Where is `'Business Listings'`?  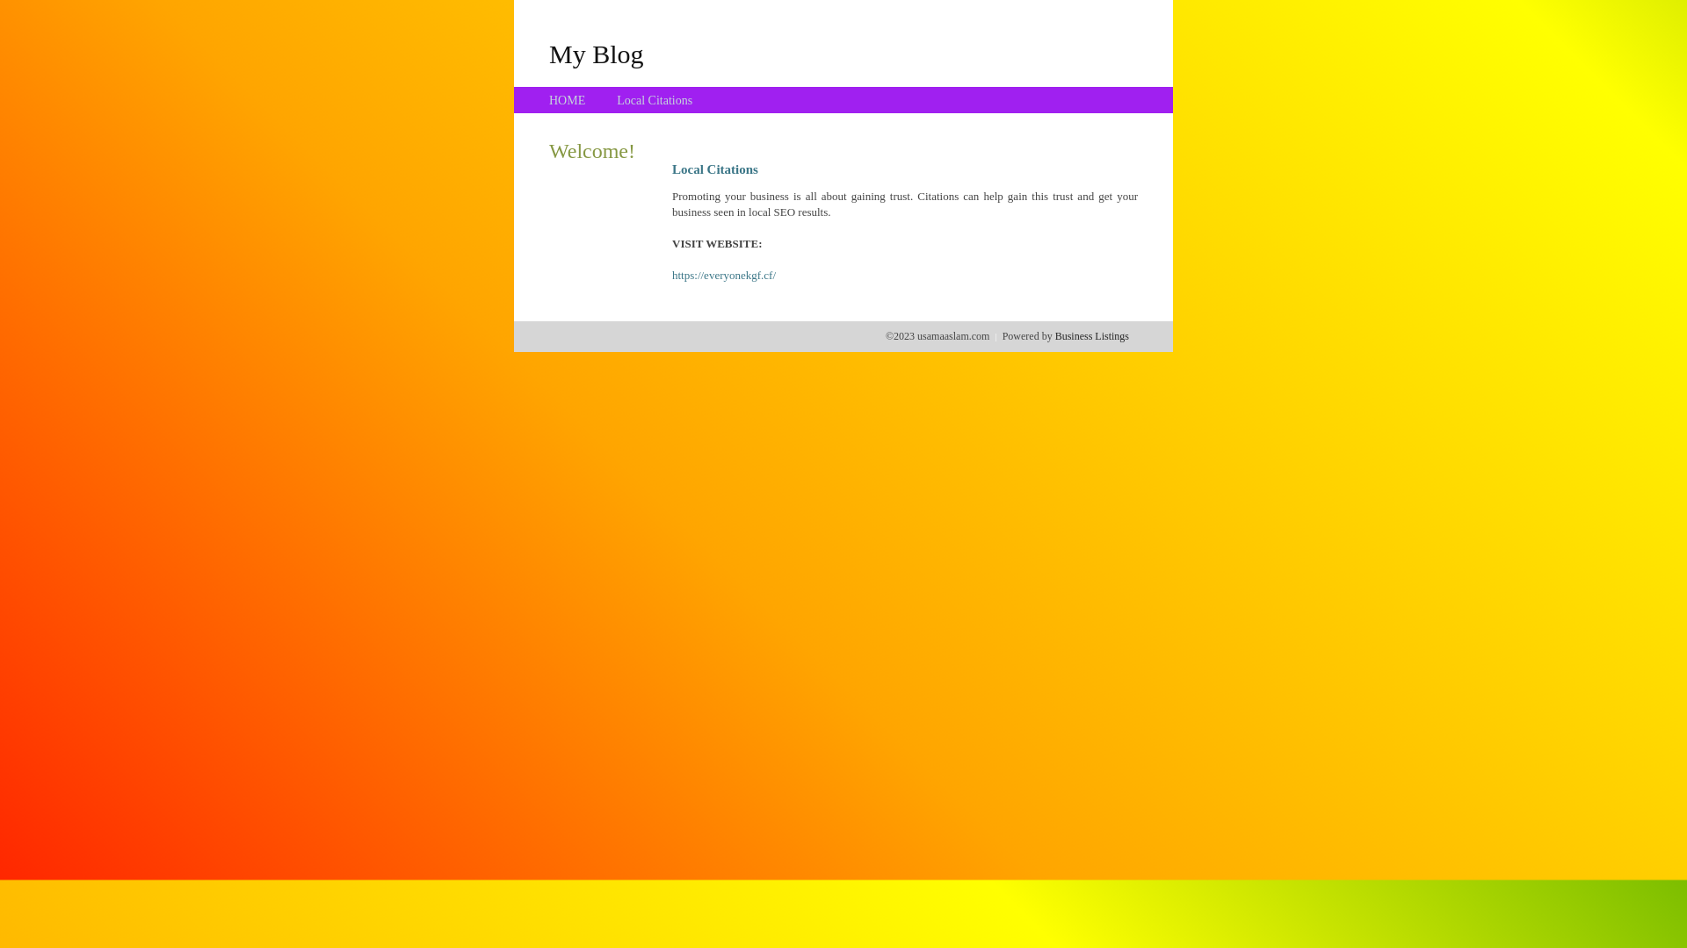
'Business Listings' is located at coordinates (1091, 335).